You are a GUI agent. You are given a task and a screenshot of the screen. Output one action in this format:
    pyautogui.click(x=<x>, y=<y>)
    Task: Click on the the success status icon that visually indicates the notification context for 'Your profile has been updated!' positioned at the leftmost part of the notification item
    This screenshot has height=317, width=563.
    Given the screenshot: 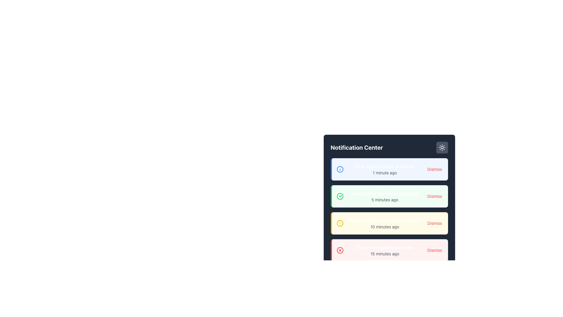 What is the action you would take?
    pyautogui.click(x=340, y=196)
    